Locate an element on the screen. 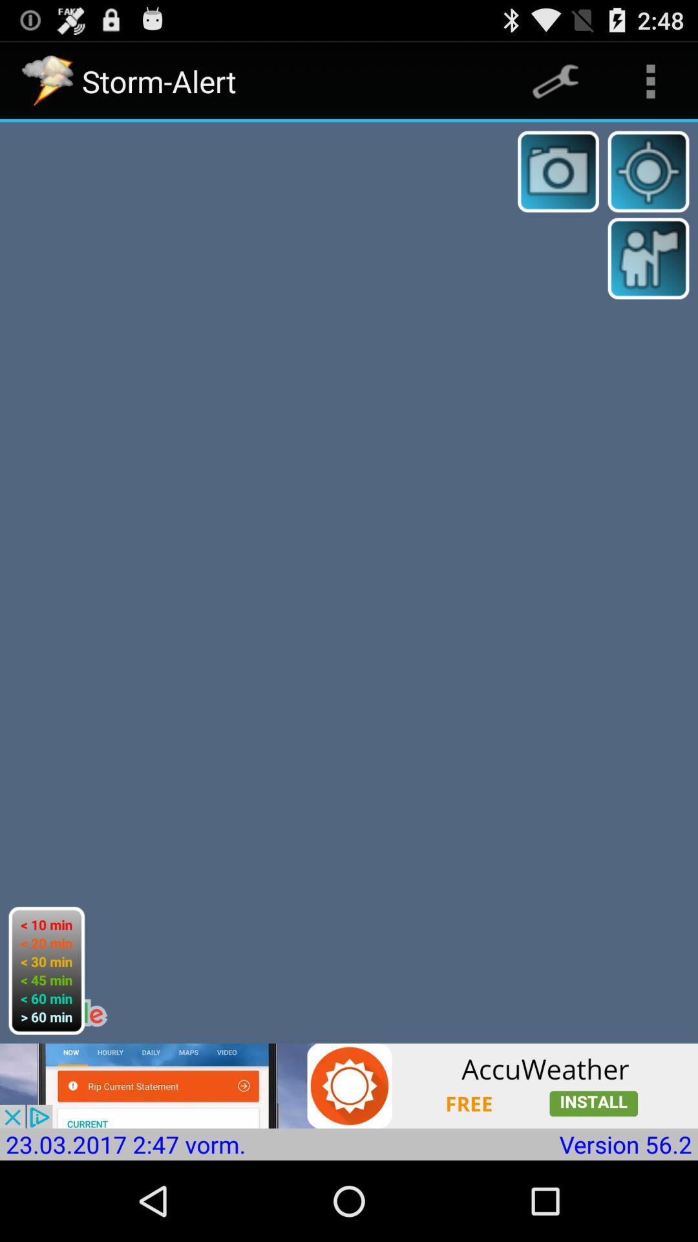 The width and height of the screenshot is (698, 1242). advertisement for weather app is located at coordinates (349, 1085).